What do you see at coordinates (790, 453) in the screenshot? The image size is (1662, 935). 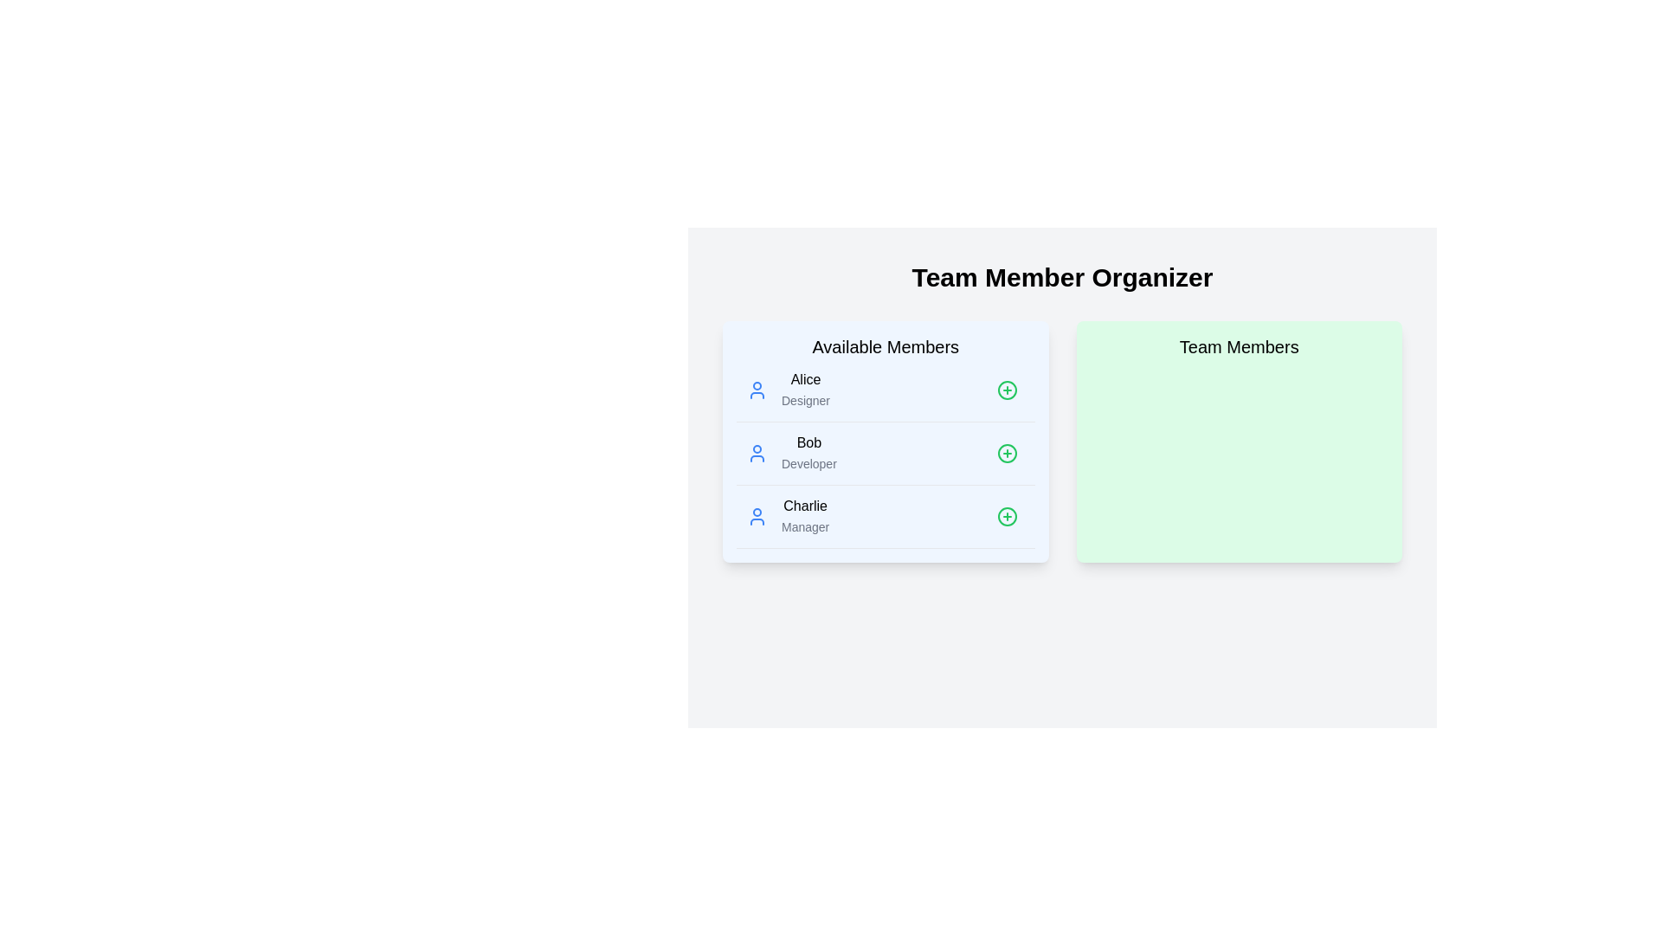 I see `the user icon for the team member 'Bob', who is listed as a Developer under the 'Available Members' section` at bounding box center [790, 453].